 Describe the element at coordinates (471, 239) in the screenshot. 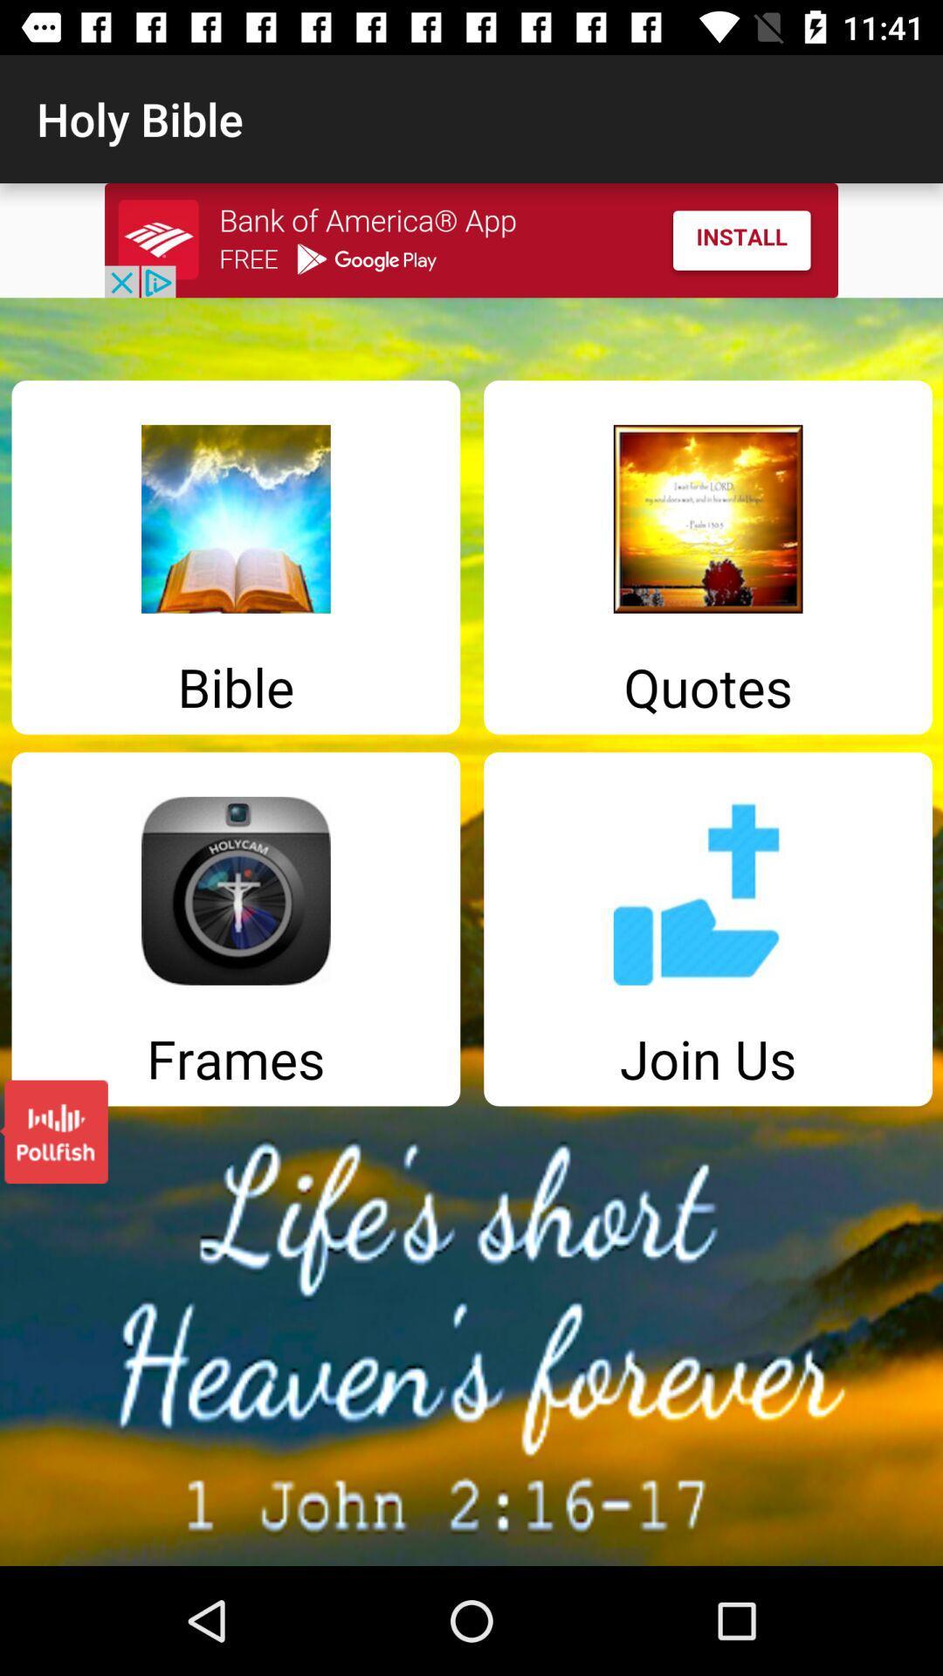

I see `install app` at that location.